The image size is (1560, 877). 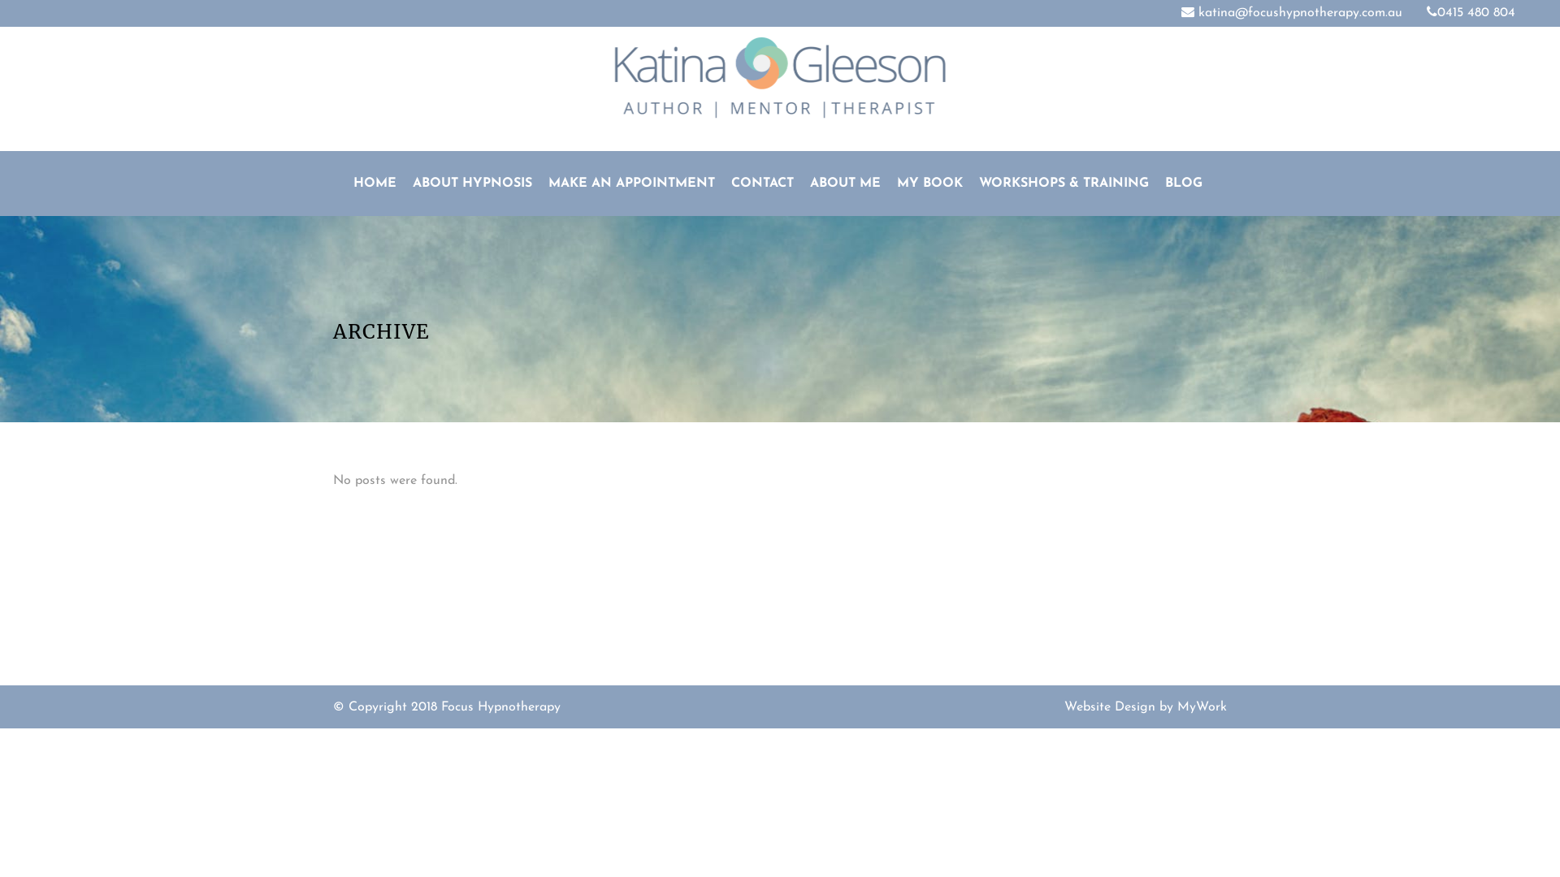 I want to click on 'MAKE AN APPOINTMENT', so click(x=630, y=183).